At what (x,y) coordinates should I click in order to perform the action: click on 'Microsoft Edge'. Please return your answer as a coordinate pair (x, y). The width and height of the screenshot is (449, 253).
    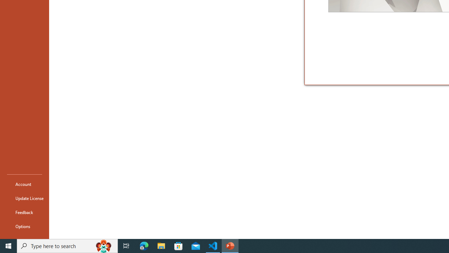
    Looking at the image, I should click on (144, 245).